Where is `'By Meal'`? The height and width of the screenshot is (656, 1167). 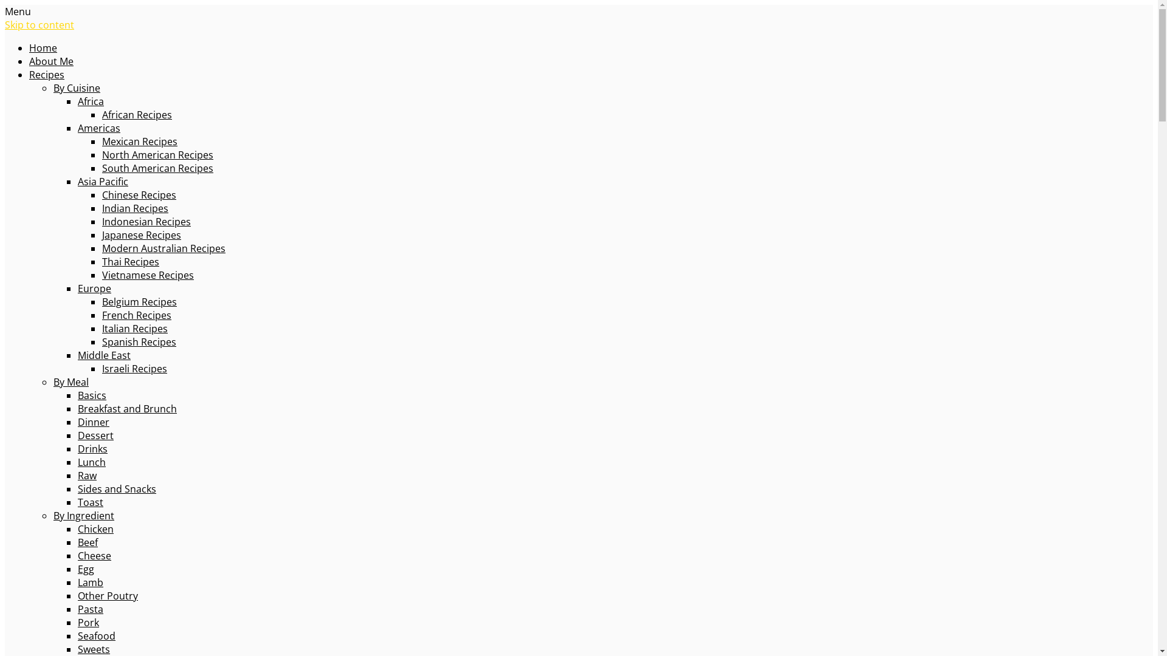
'By Meal' is located at coordinates (70, 381).